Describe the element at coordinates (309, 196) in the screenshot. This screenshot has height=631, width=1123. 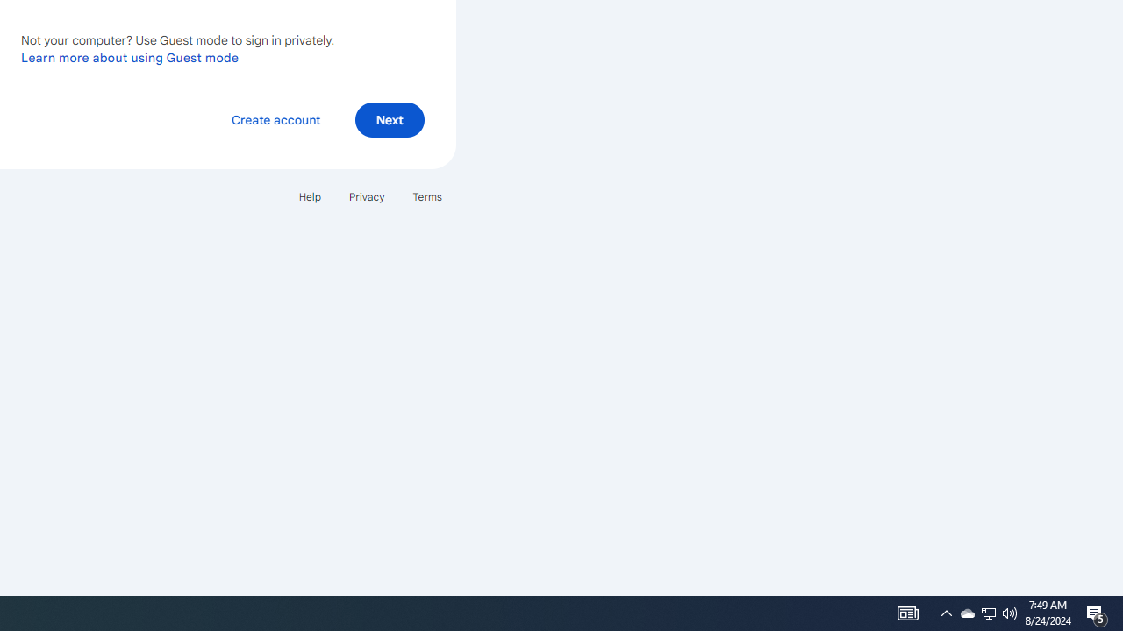
I see `'Help'` at that location.